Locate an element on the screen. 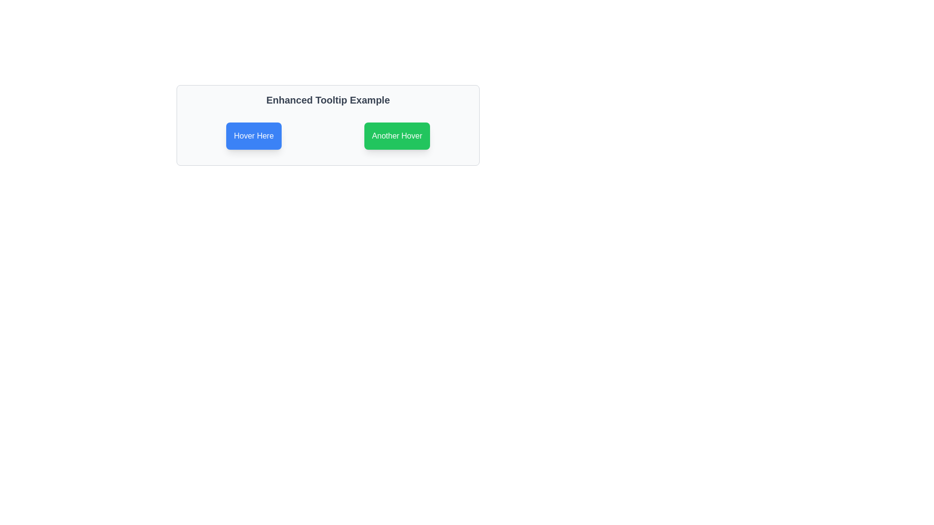 This screenshot has height=525, width=934. the green button labeled 'Another Hover' is located at coordinates (397, 136).